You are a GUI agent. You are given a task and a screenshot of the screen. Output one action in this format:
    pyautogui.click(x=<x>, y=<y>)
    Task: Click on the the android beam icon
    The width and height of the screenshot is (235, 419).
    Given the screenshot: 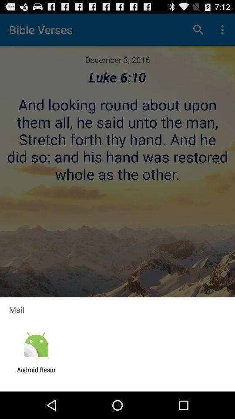 What is the action you would take?
    pyautogui.click(x=36, y=373)
    